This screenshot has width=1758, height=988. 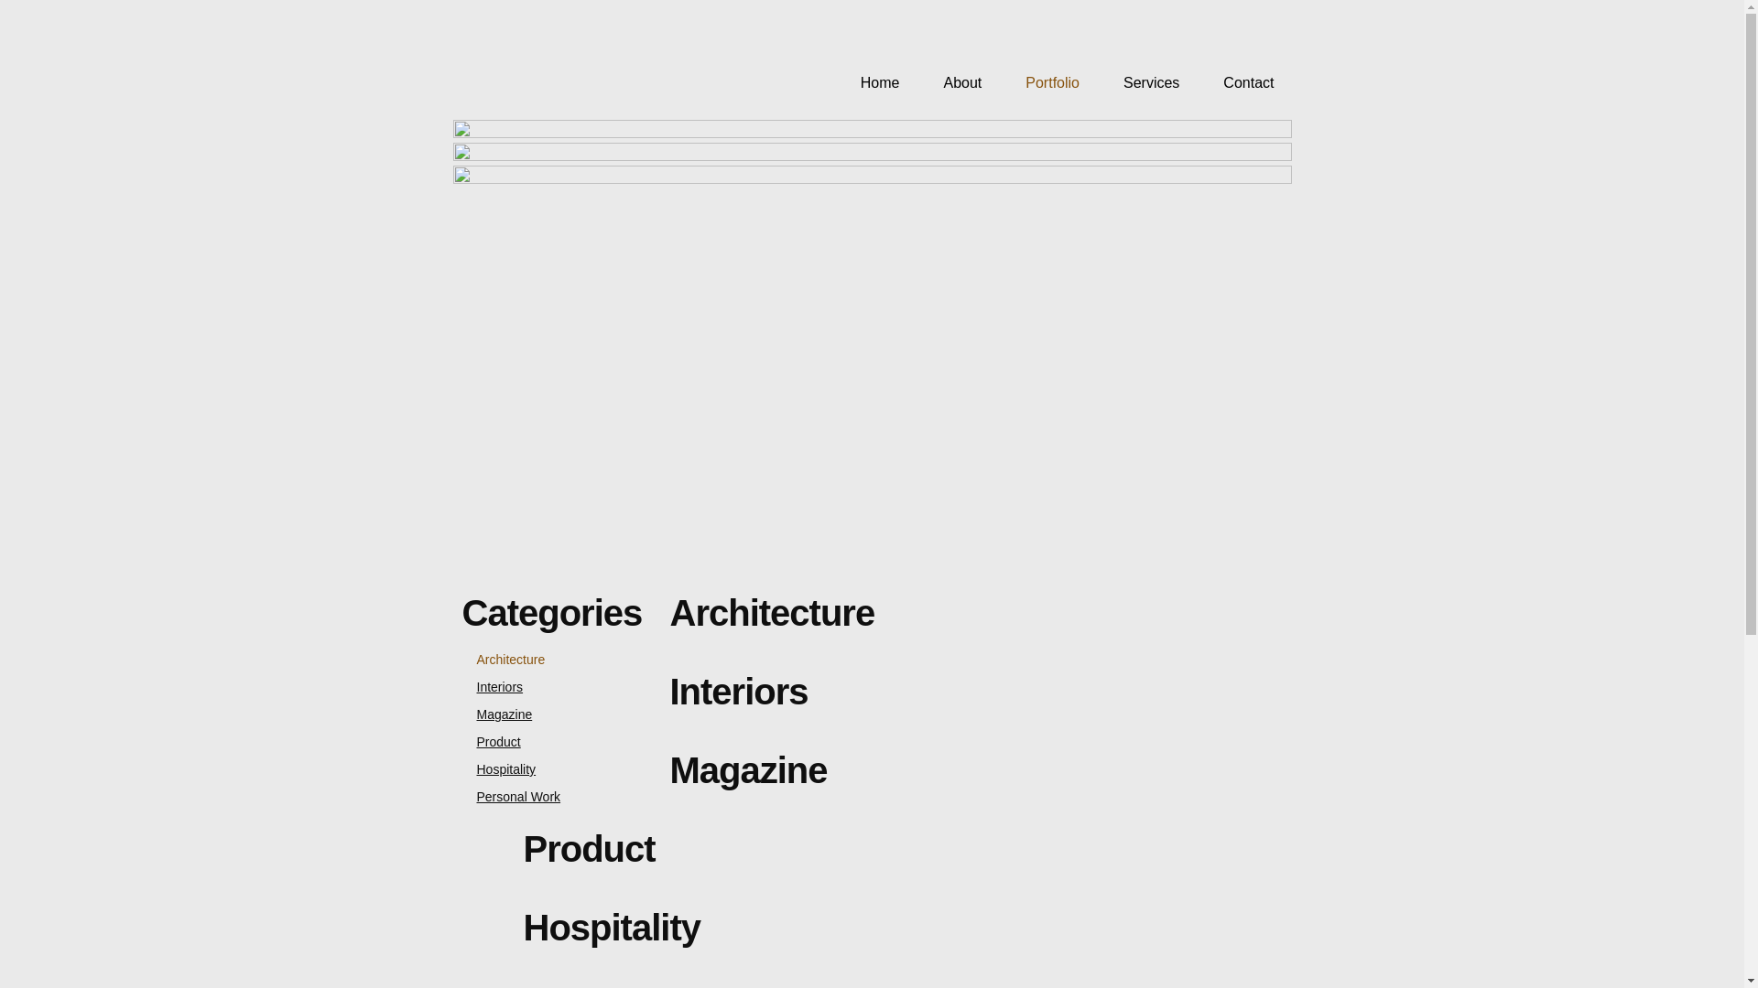 I want to click on 'Magazine', so click(x=461, y=713).